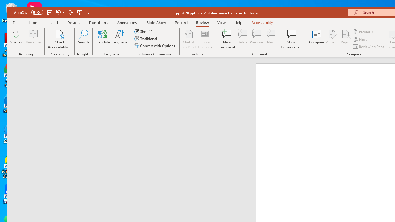 This screenshot has width=395, height=222. Describe the element at coordinates (146, 31) in the screenshot. I see `'Simplified'` at that location.